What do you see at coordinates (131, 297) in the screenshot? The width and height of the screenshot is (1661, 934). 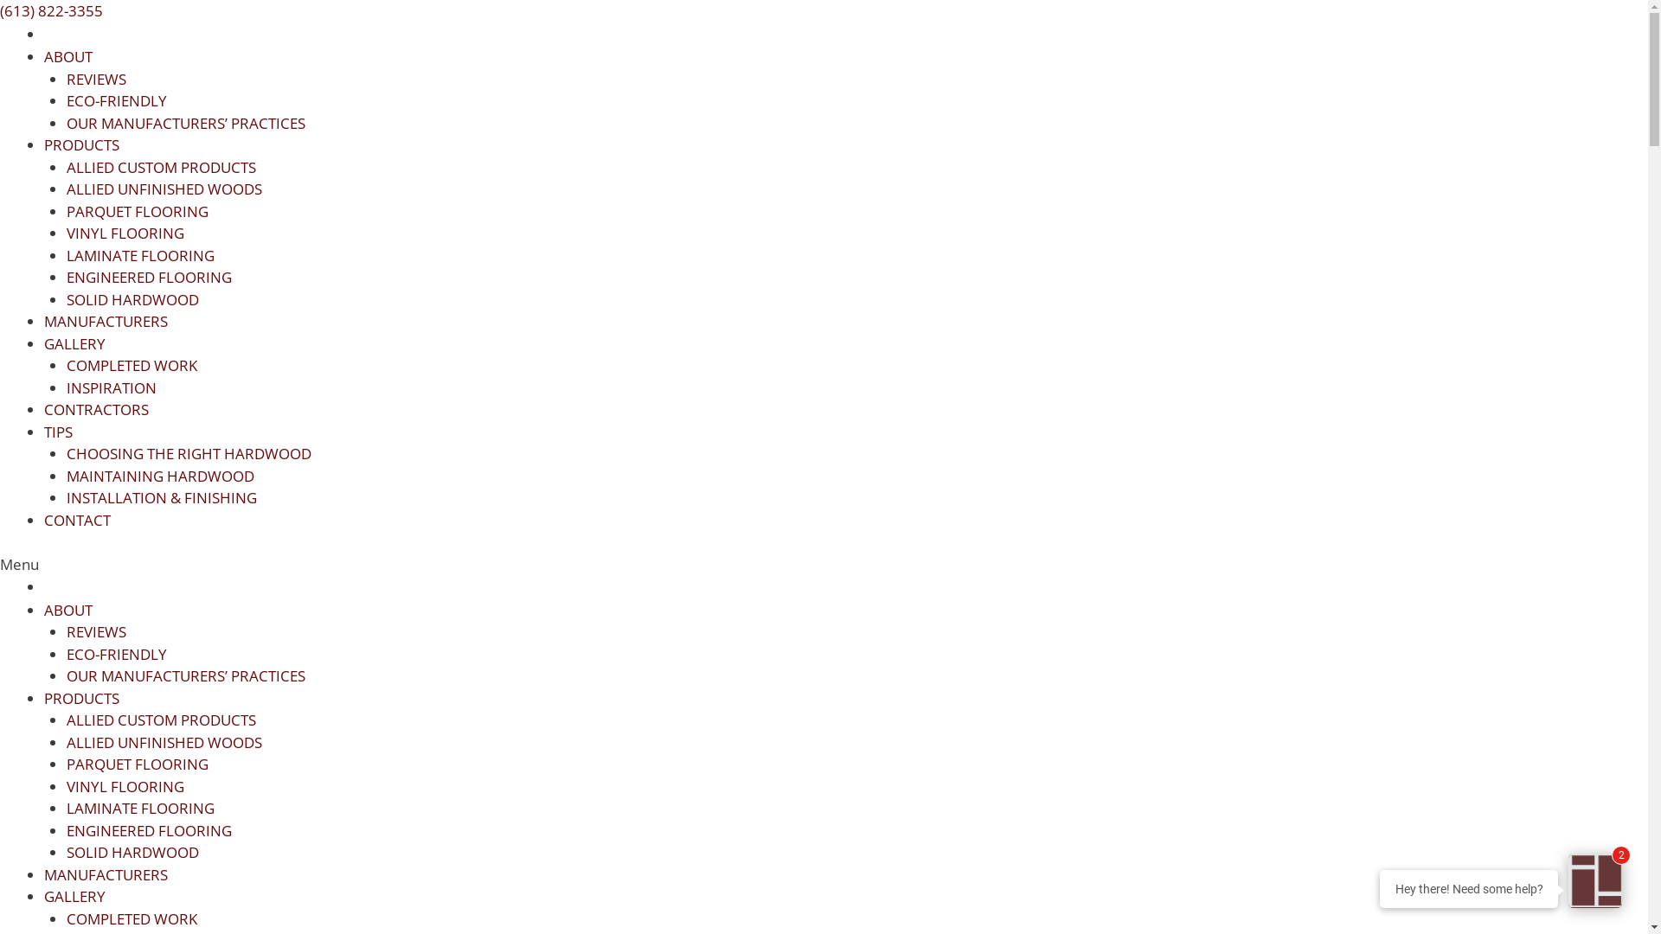 I see `'SOLID HARDWOOD'` at bounding box center [131, 297].